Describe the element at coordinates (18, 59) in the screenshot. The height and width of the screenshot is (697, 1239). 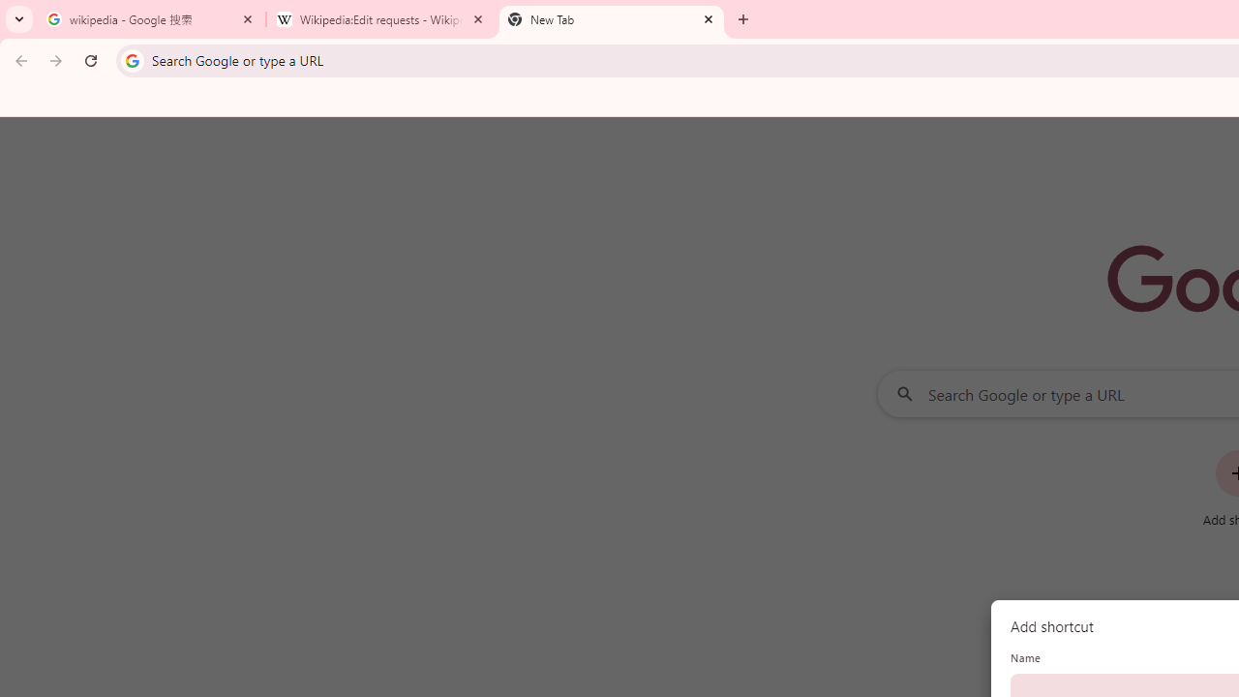
I see `'Back'` at that location.